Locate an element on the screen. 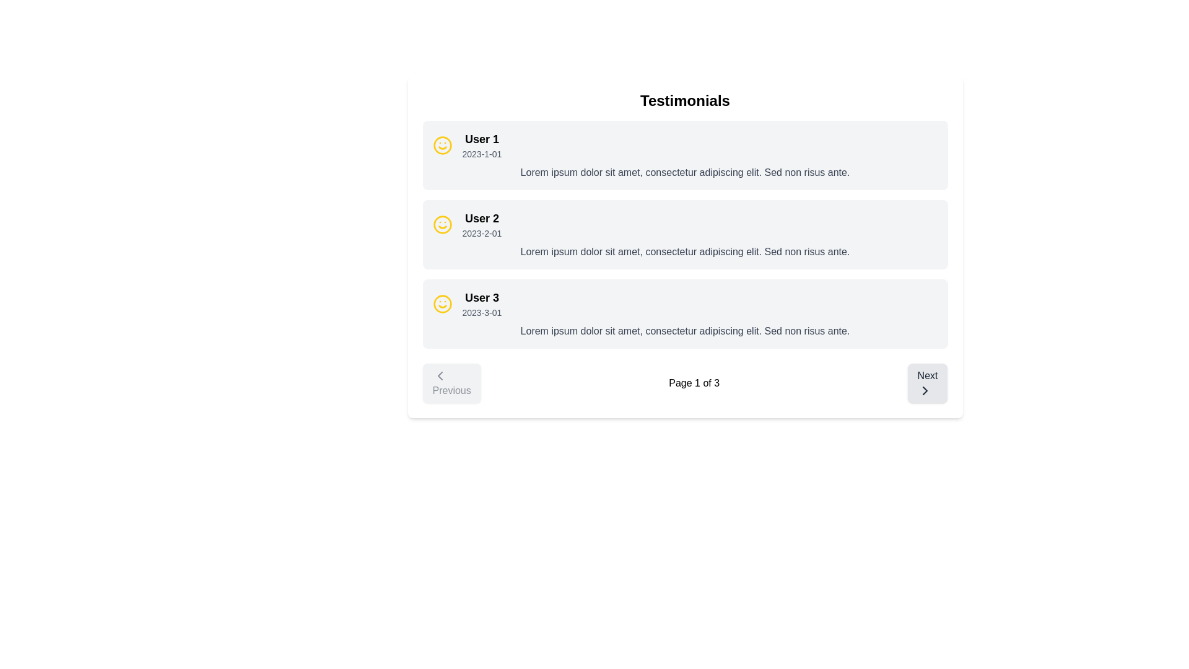 The width and height of the screenshot is (1189, 669). the rightward SVG icon within the 'Next' button located at the bottom-right corner of the interface is located at coordinates (925, 391).